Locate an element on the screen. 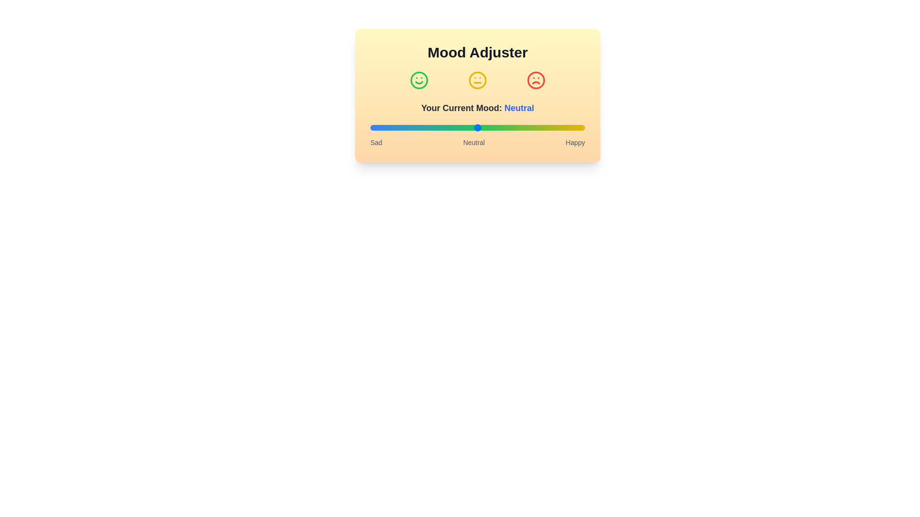 The width and height of the screenshot is (920, 517). the mood slider to set the mood to 77% is located at coordinates (535, 127).